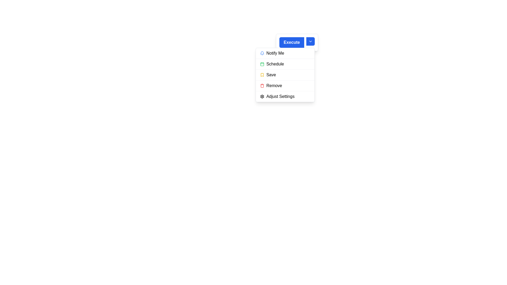 Image resolution: width=507 pixels, height=285 pixels. What do you see at coordinates (285, 75) in the screenshot?
I see `the 'Save' button in the dropdown menu` at bounding box center [285, 75].